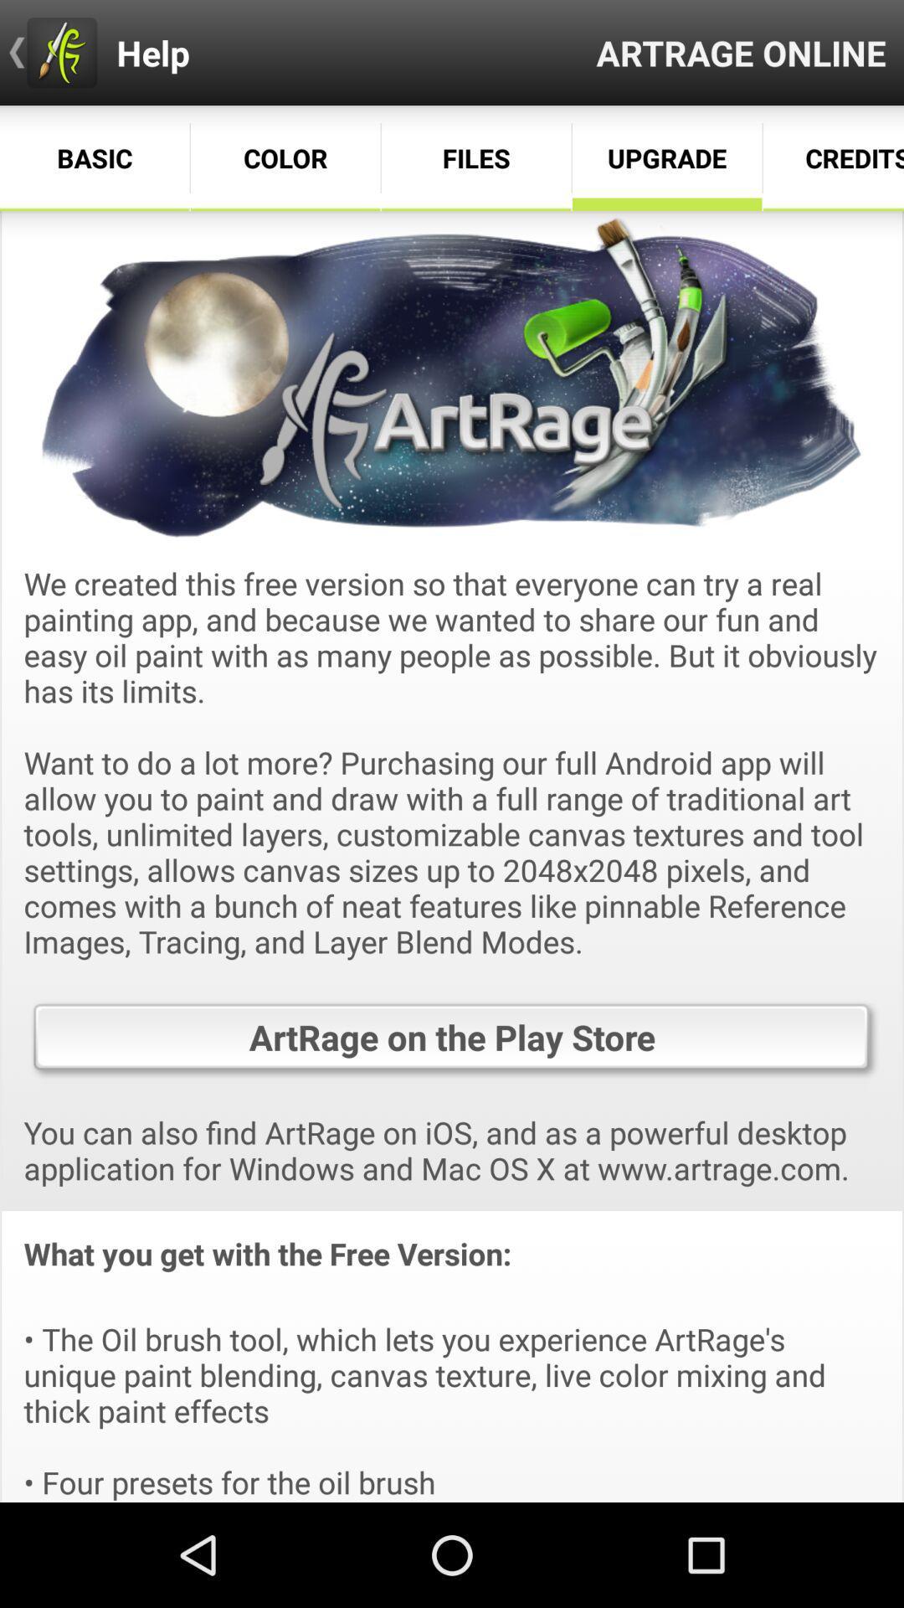 This screenshot has height=1608, width=904. Describe the element at coordinates (740, 52) in the screenshot. I see `item to the right of the help icon` at that location.